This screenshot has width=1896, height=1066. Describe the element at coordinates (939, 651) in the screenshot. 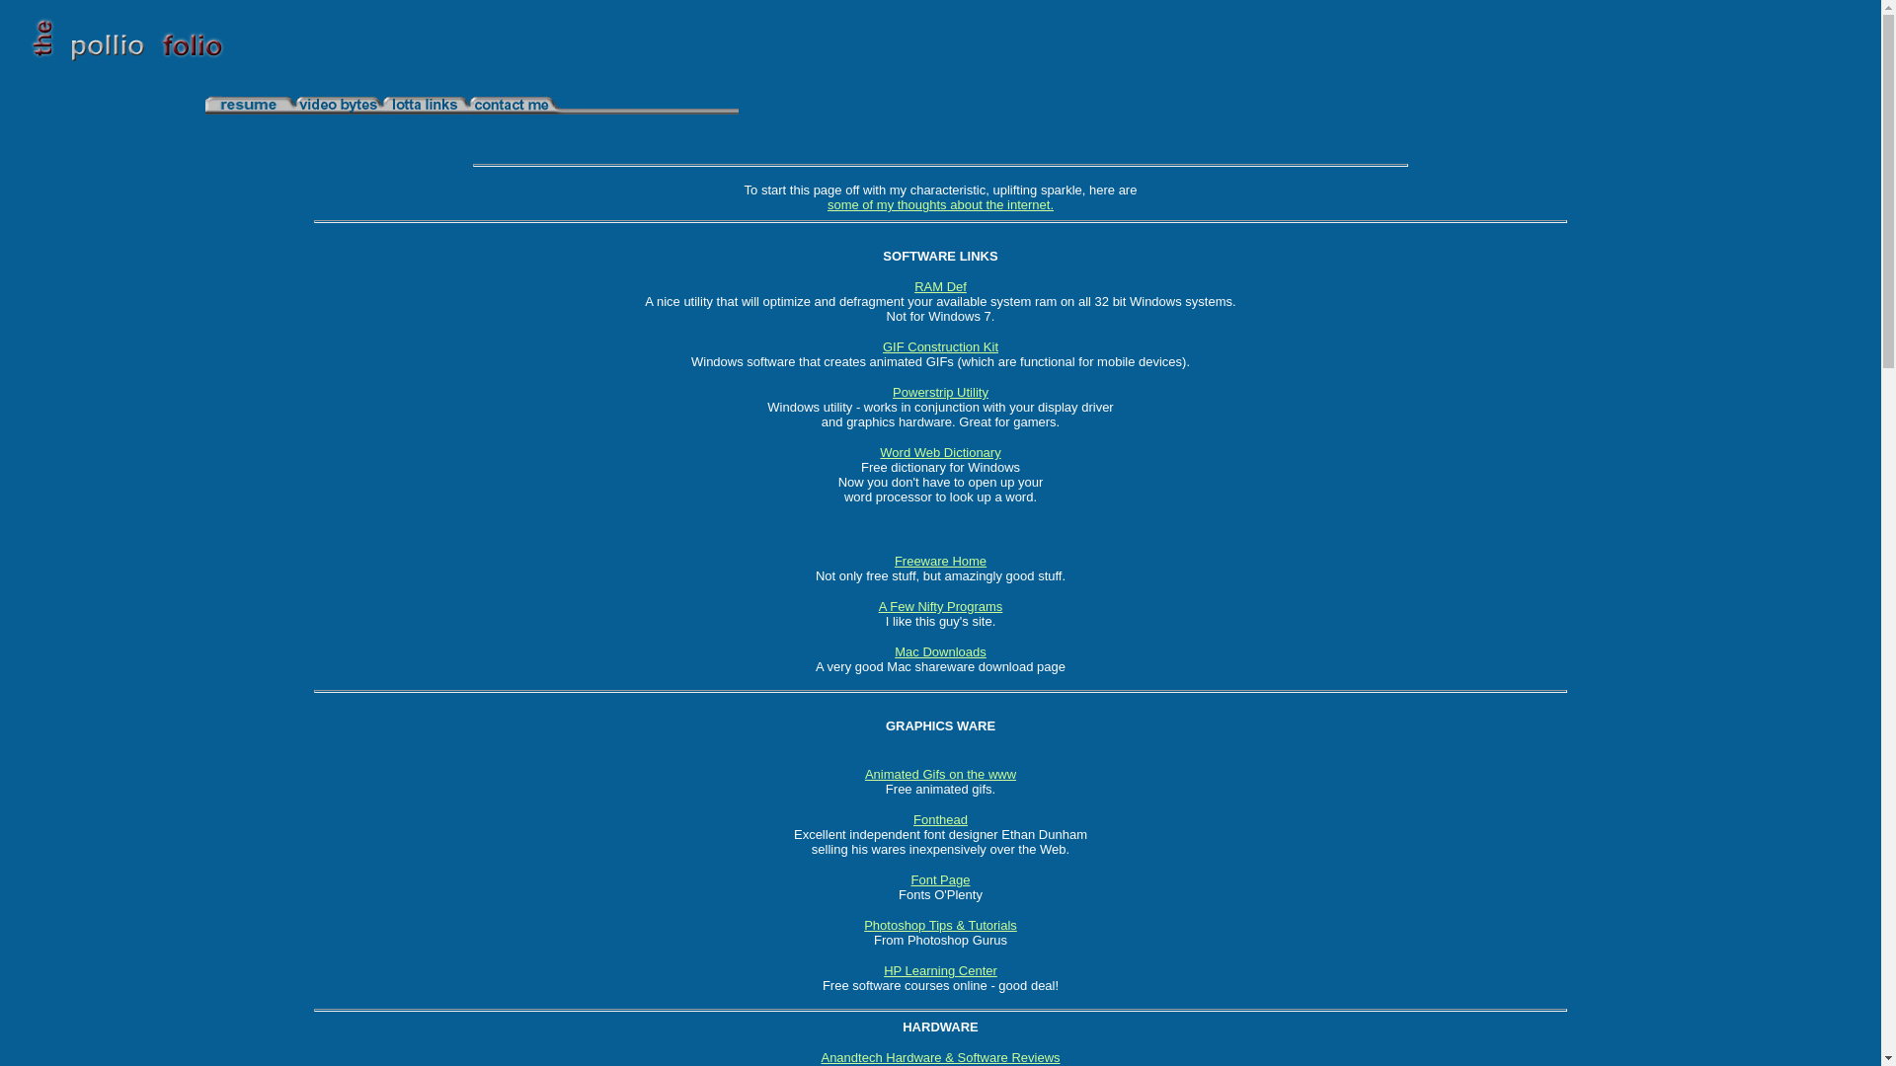

I see `'Mac Downloads'` at that location.